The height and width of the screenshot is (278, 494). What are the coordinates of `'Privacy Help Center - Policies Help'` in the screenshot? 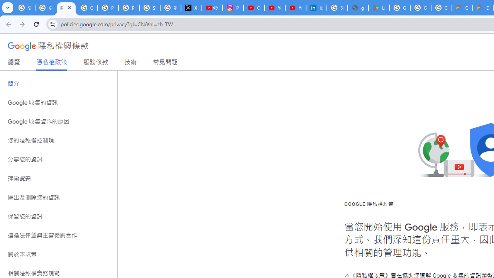 It's located at (108, 8).